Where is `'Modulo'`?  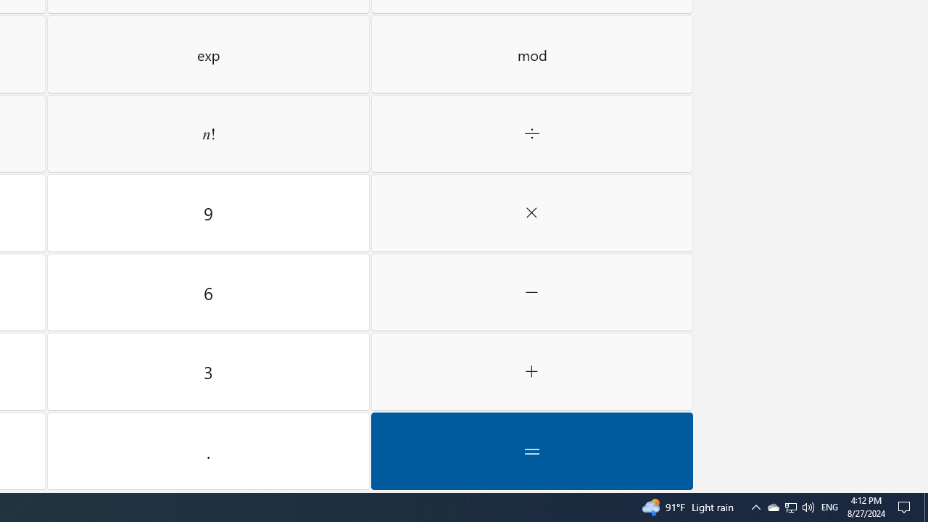
'Modulo' is located at coordinates (531, 53).